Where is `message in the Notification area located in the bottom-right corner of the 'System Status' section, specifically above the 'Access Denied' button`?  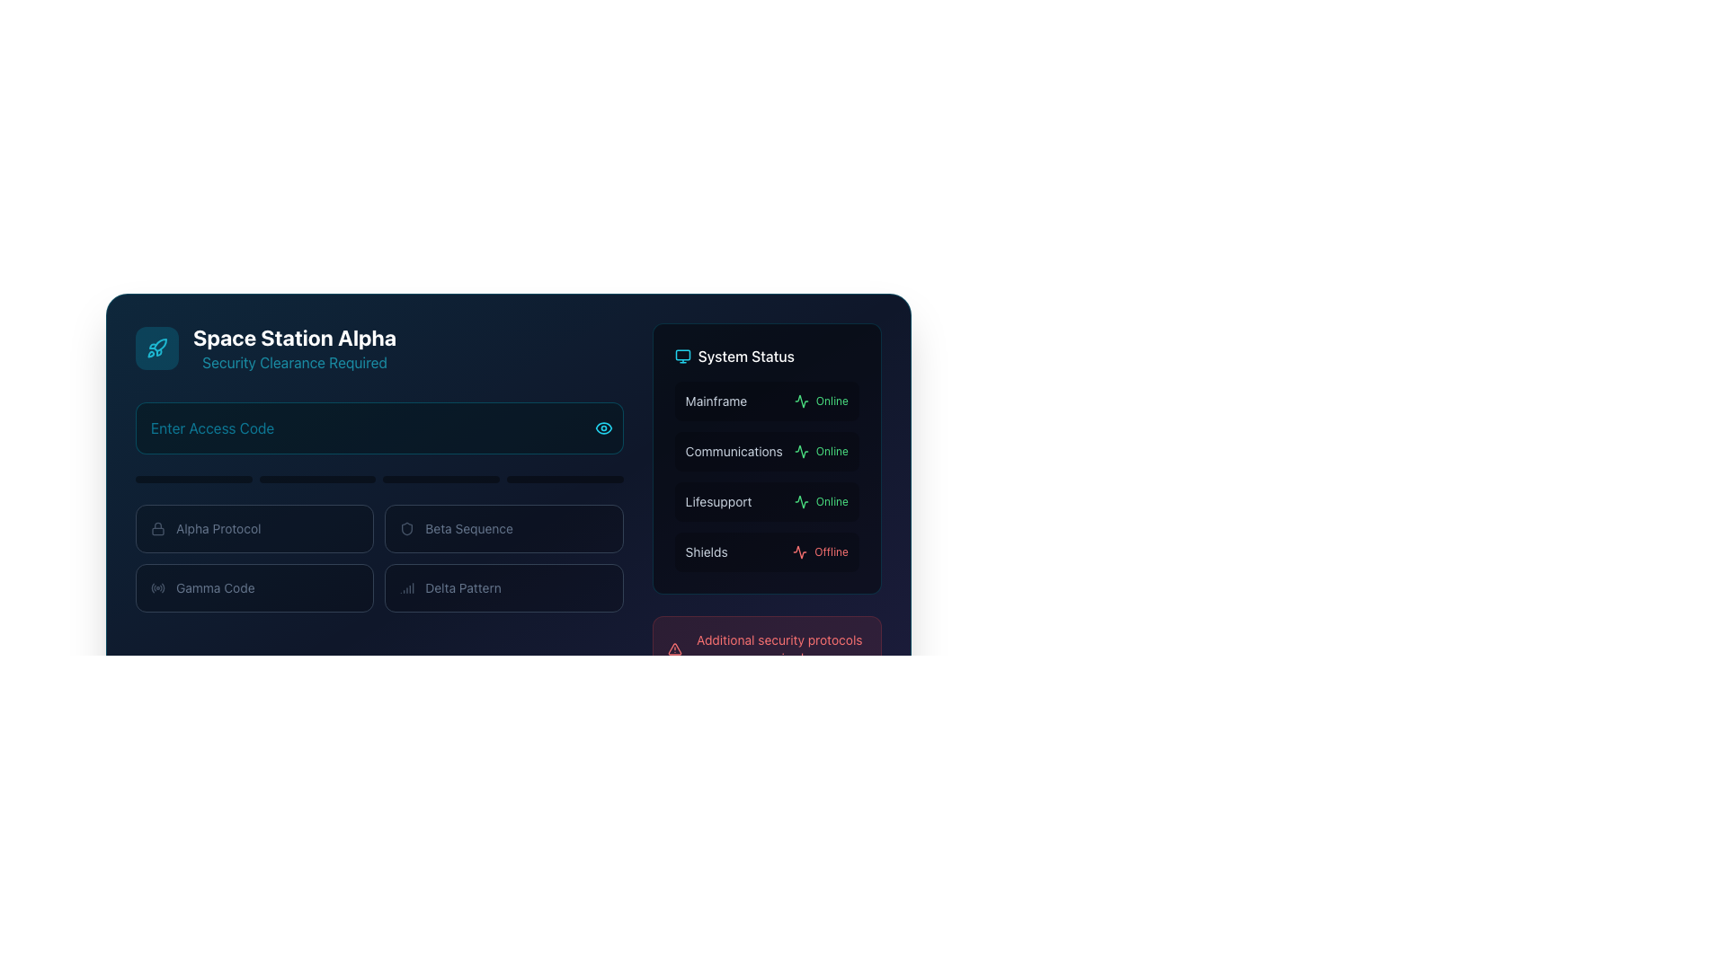 message in the Notification area located in the bottom-right corner of the 'System Status' section, specifically above the 'Access Denied' button is located at coordinates (767, 648).